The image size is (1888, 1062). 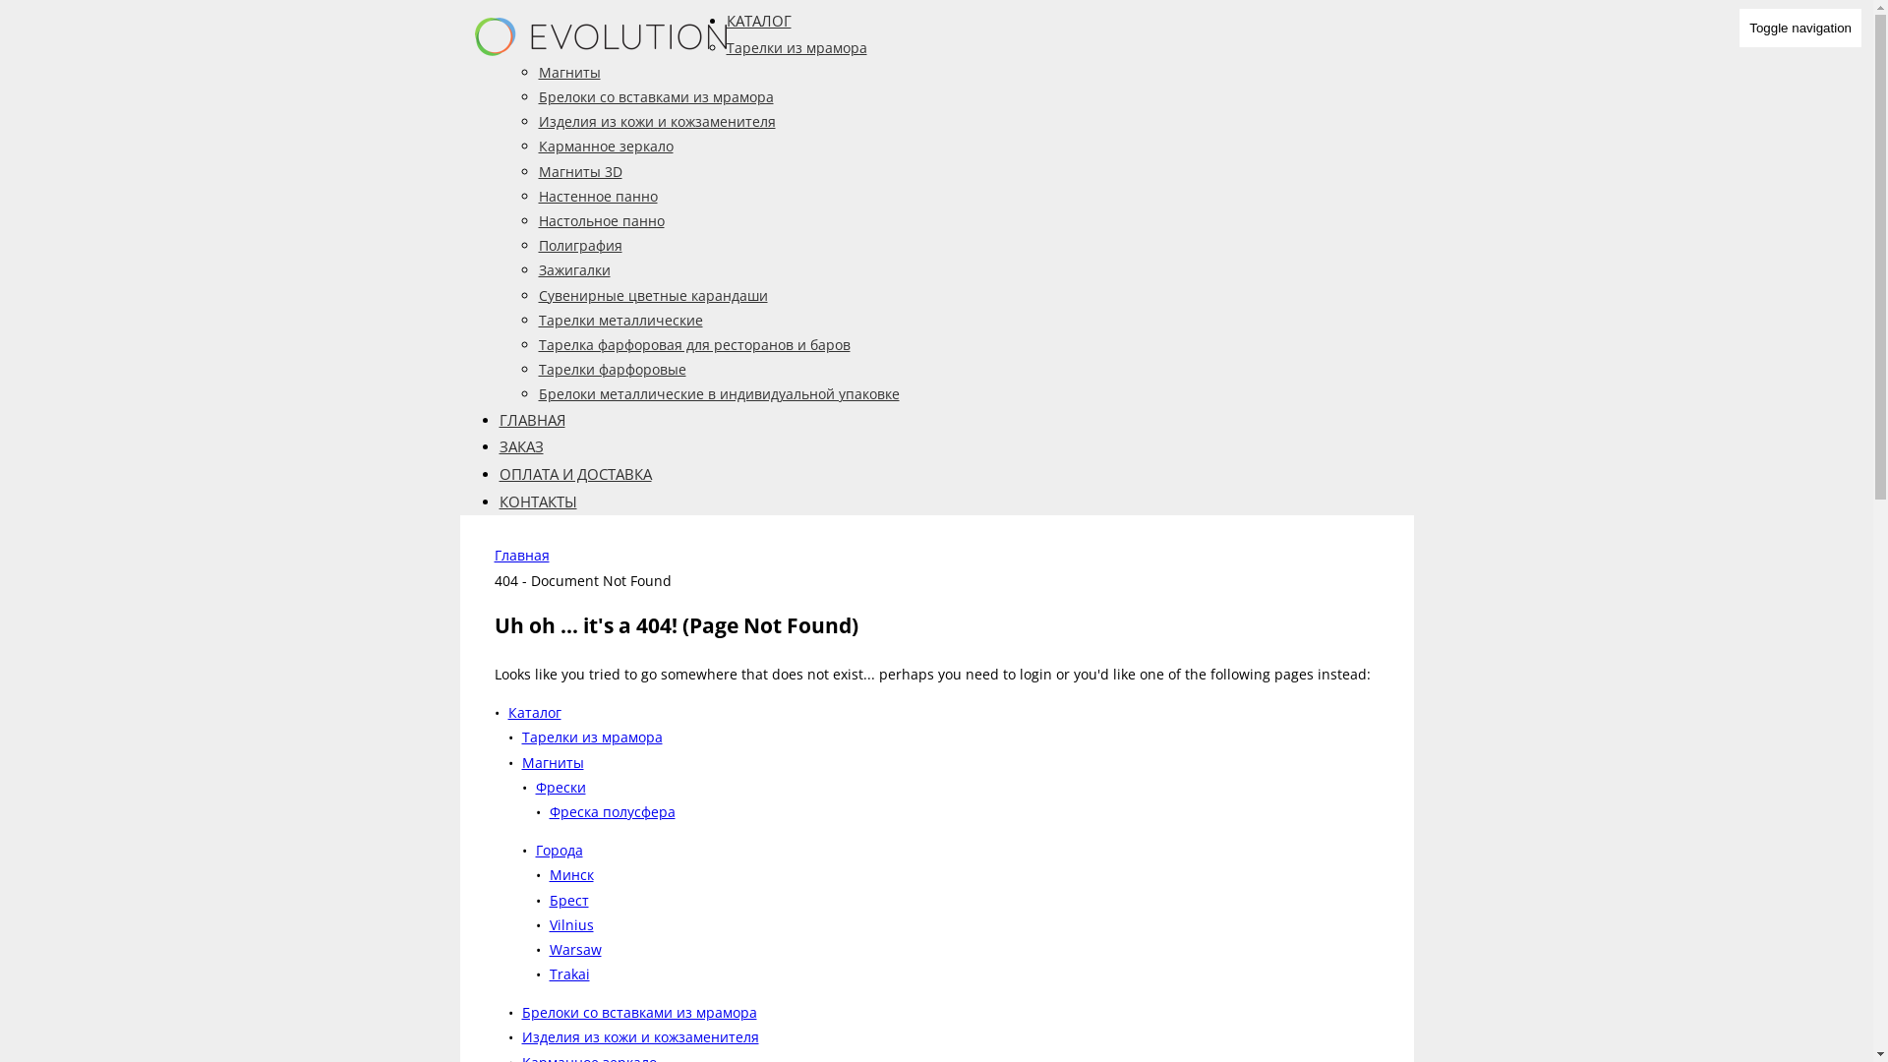 What do you see at coordinates (1737, 28) in the screenshot?
I see `'Toggle navigation'` at bounding box center [1737, 28].